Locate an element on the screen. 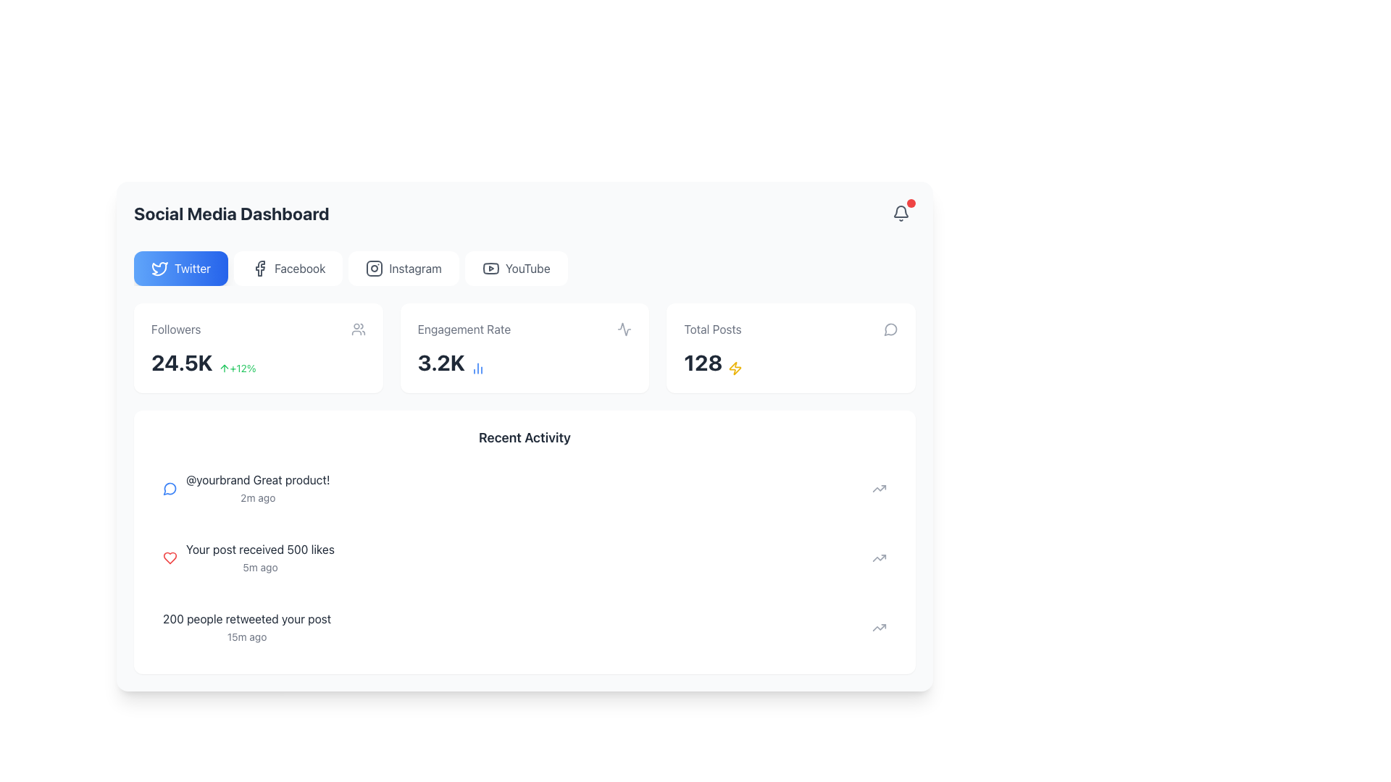 The height and width of the screenshot is (782, 1391). the activity or pulse icon located in the top-right corner of the dashboard, near the notification bell indicator is located at coordinates (625, 329).